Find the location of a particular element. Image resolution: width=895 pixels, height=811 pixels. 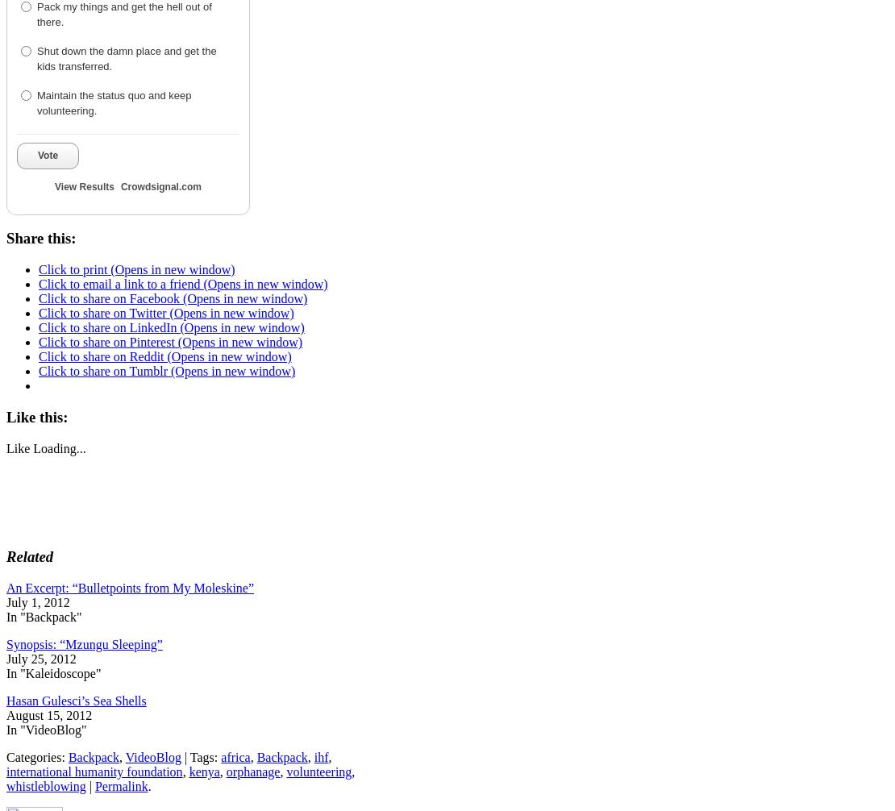

'Vote' is located at coordinates (47, 155).